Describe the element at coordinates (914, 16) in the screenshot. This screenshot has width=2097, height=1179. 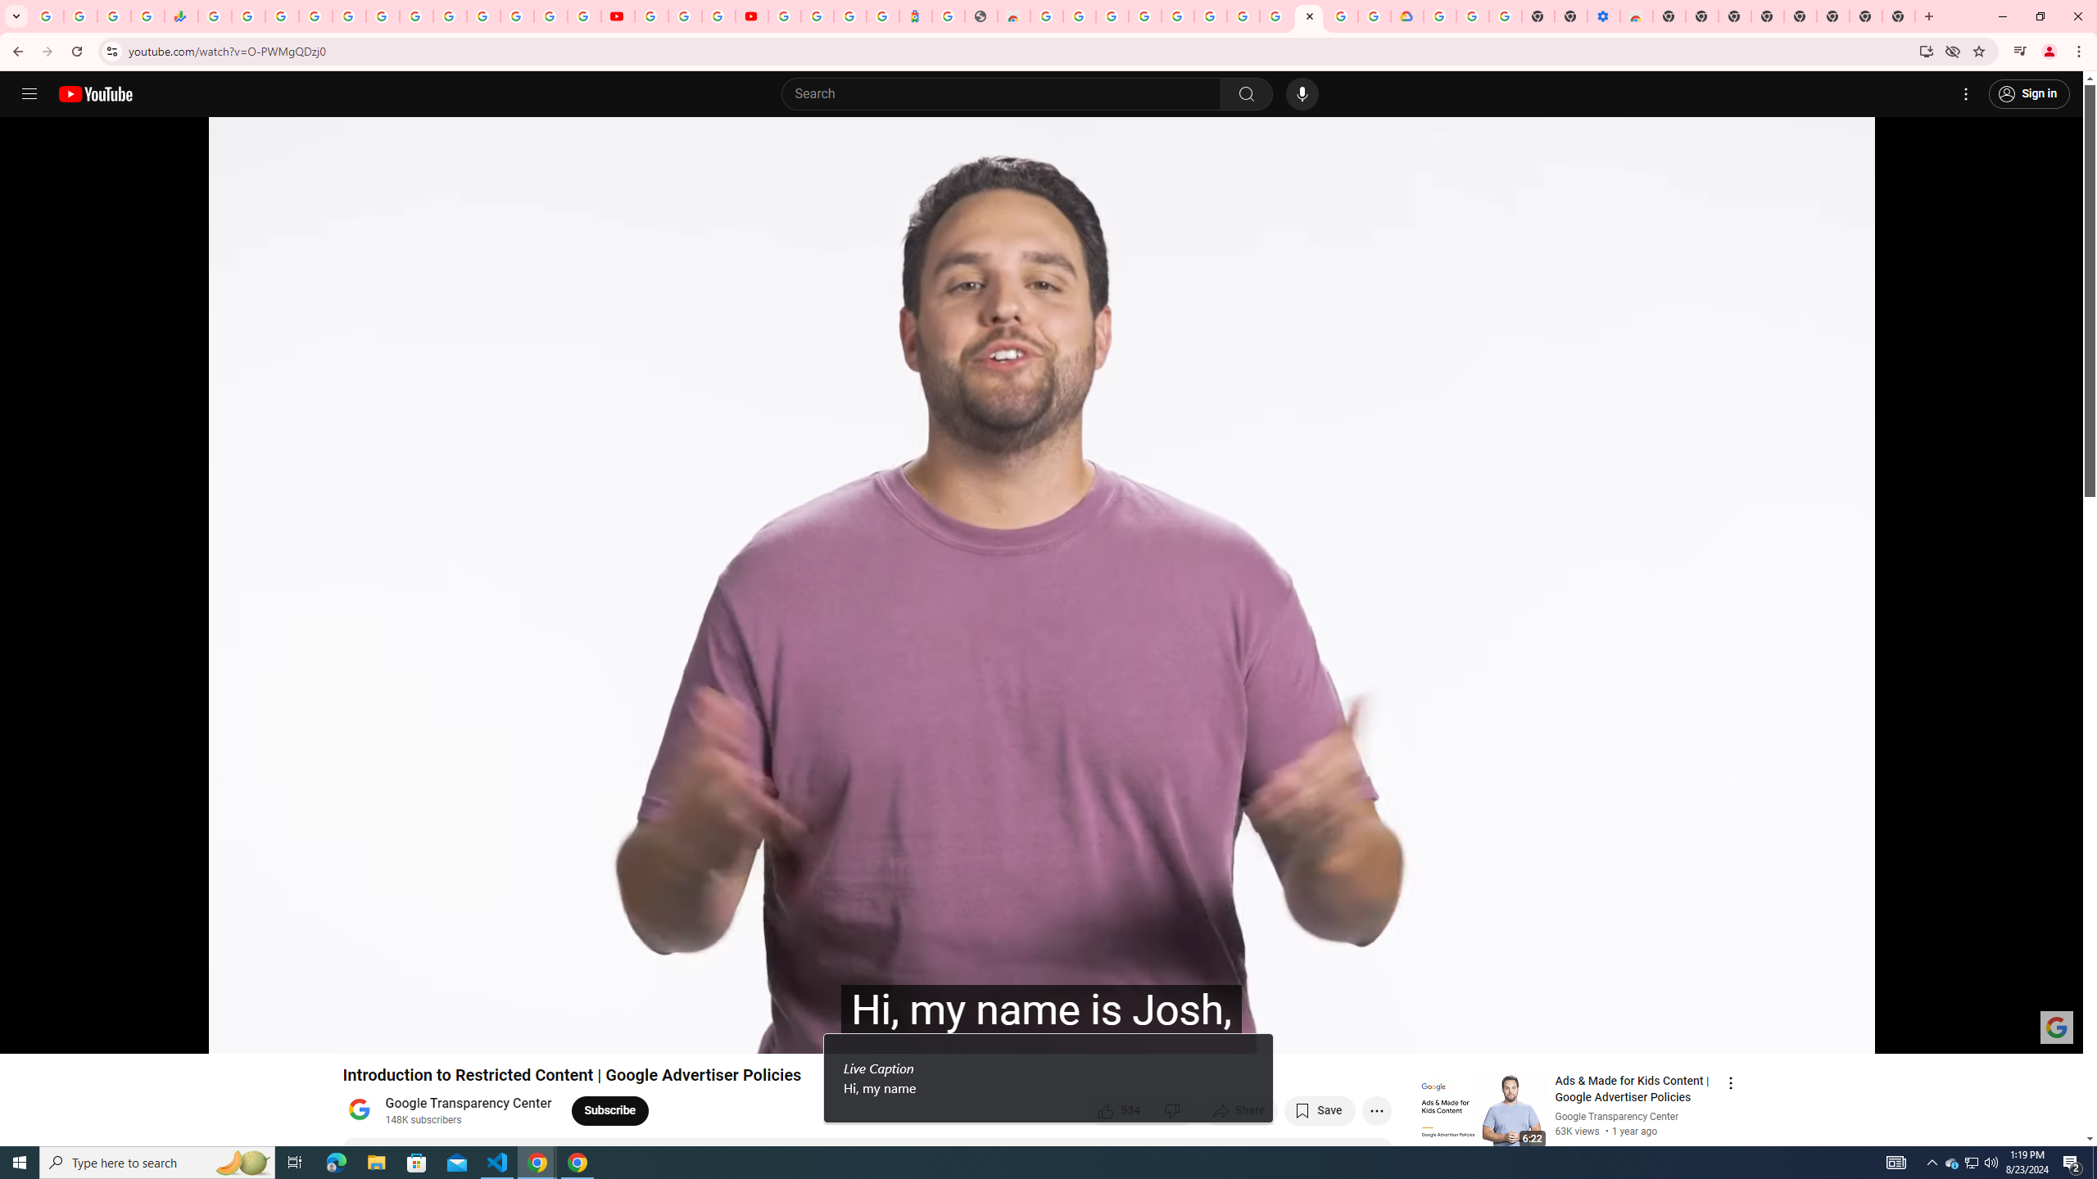
I see `'Atour Hotel - Google hotels'` at that location.